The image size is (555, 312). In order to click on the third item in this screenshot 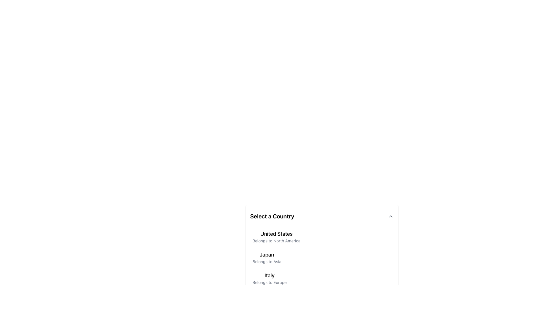, I will do `click(269, 278)`.